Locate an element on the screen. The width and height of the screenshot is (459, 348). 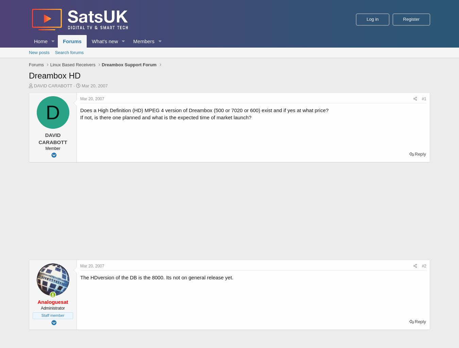
'Register' is located at coordinates (411, 19).